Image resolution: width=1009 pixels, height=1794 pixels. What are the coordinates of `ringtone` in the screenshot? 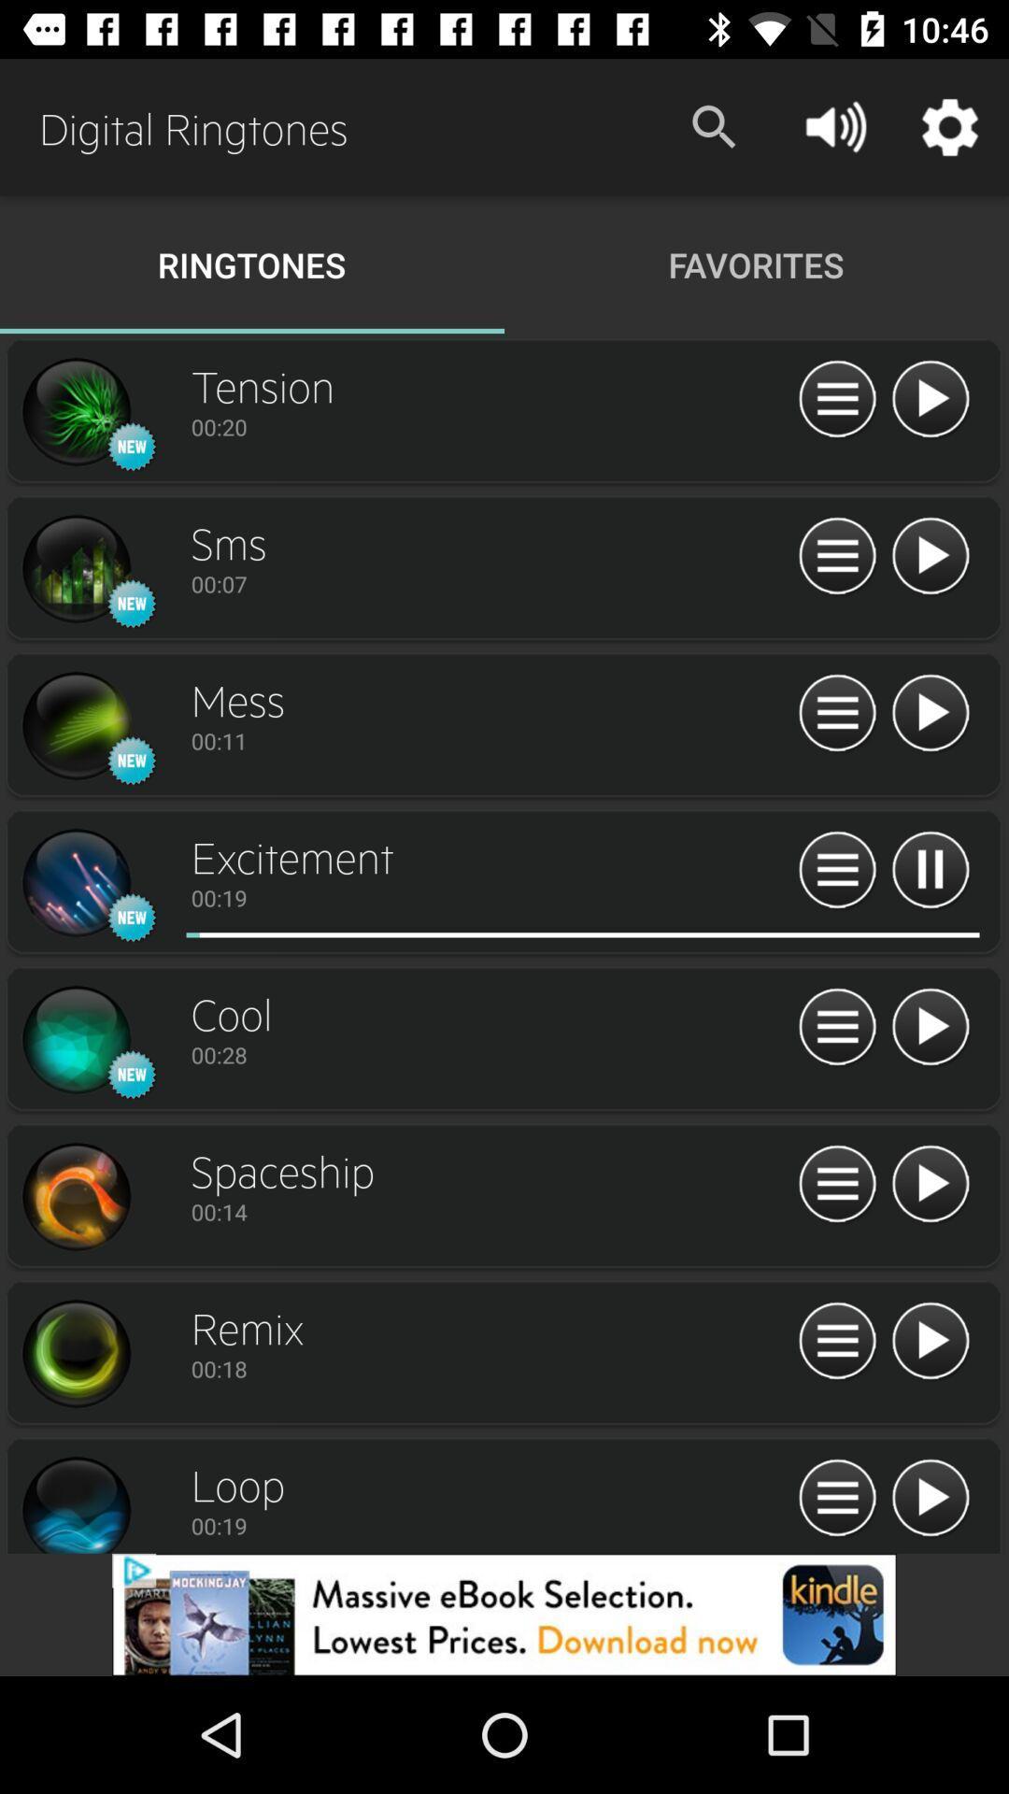 It's located at (930, 1499).